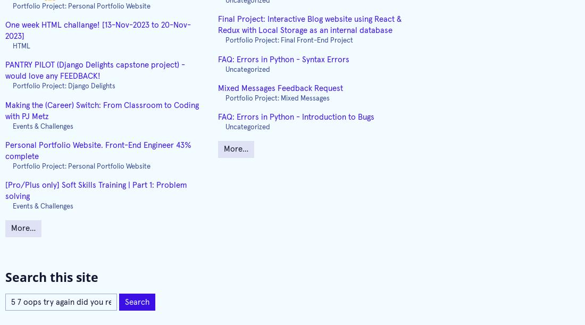 Image resolution: width=585 pixels, height=325 pixels. Describe the element at coordinates (280, 88) in the screenshot. I see `'Mixed Messages Feedback Request'` at that location.